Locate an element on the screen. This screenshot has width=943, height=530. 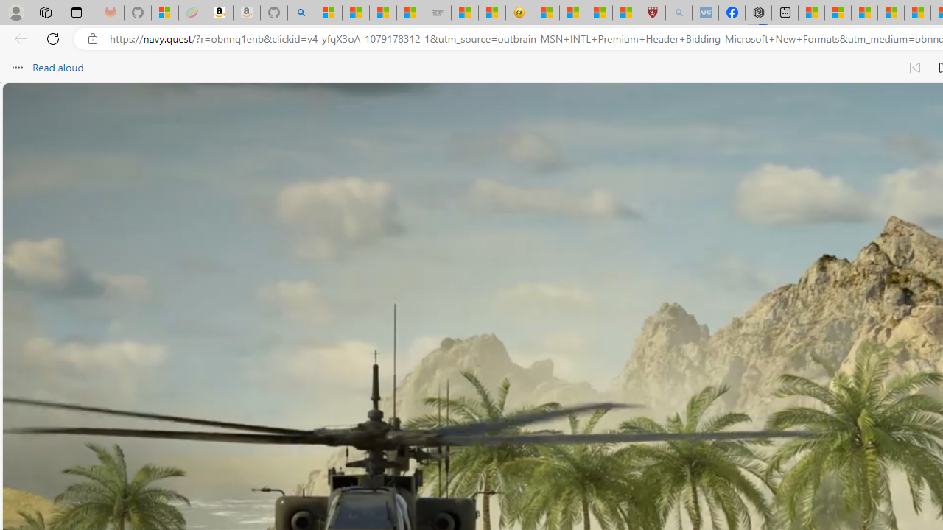
'Combat Siege' is located at coordinates (436, 13).